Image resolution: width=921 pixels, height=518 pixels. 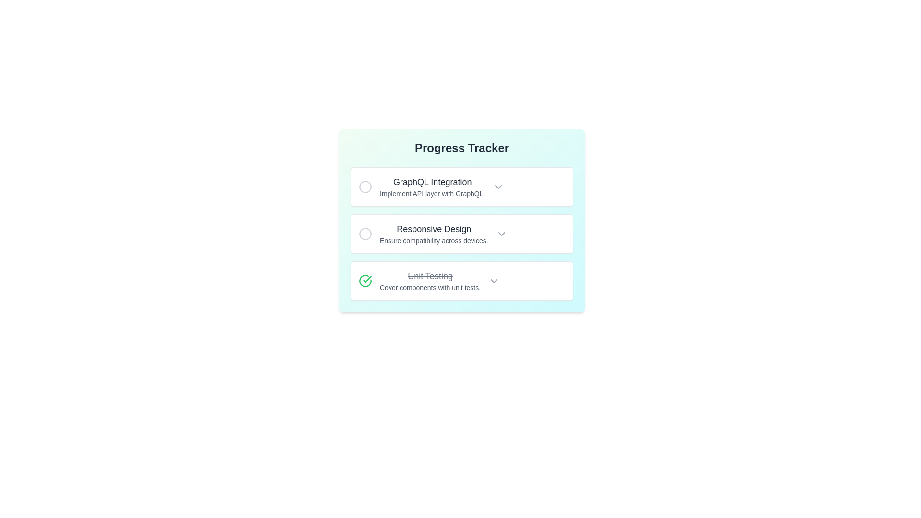 I want to click on the static text label reading 'Ensure compatibility across devices.' located below the 'Responsive Design' title in the Progress Tracker interface, so click(x=433, y=240).